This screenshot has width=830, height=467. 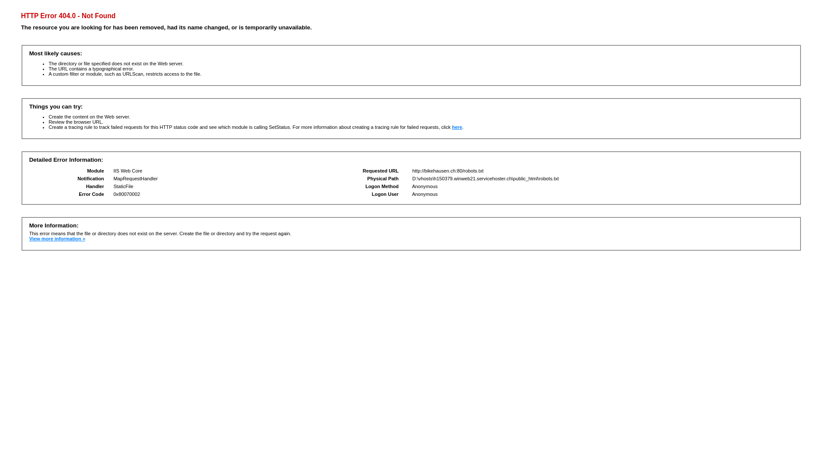 I want to click on 'here', so click(x=456, y=127).